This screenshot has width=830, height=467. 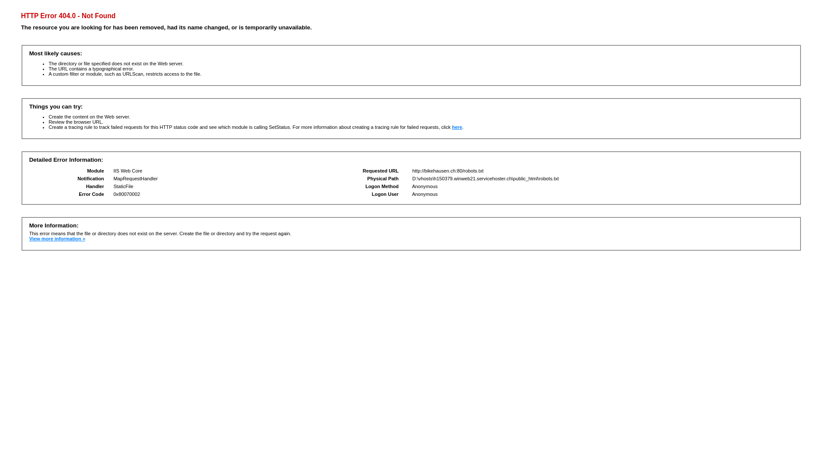 I want to click on 'here', so click(x=456, y=127).